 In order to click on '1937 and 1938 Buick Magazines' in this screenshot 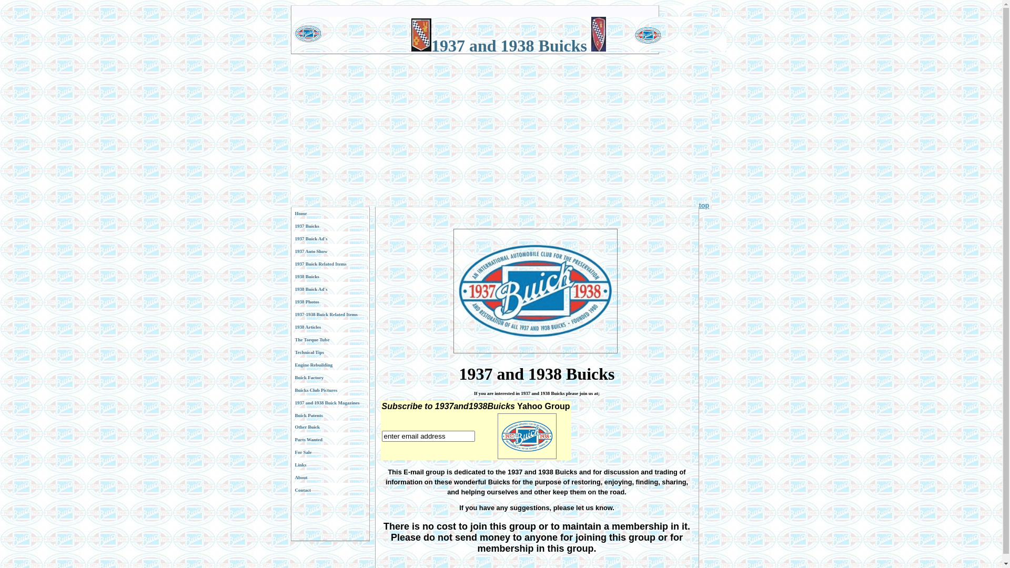, I will do `click(291, 402)`.